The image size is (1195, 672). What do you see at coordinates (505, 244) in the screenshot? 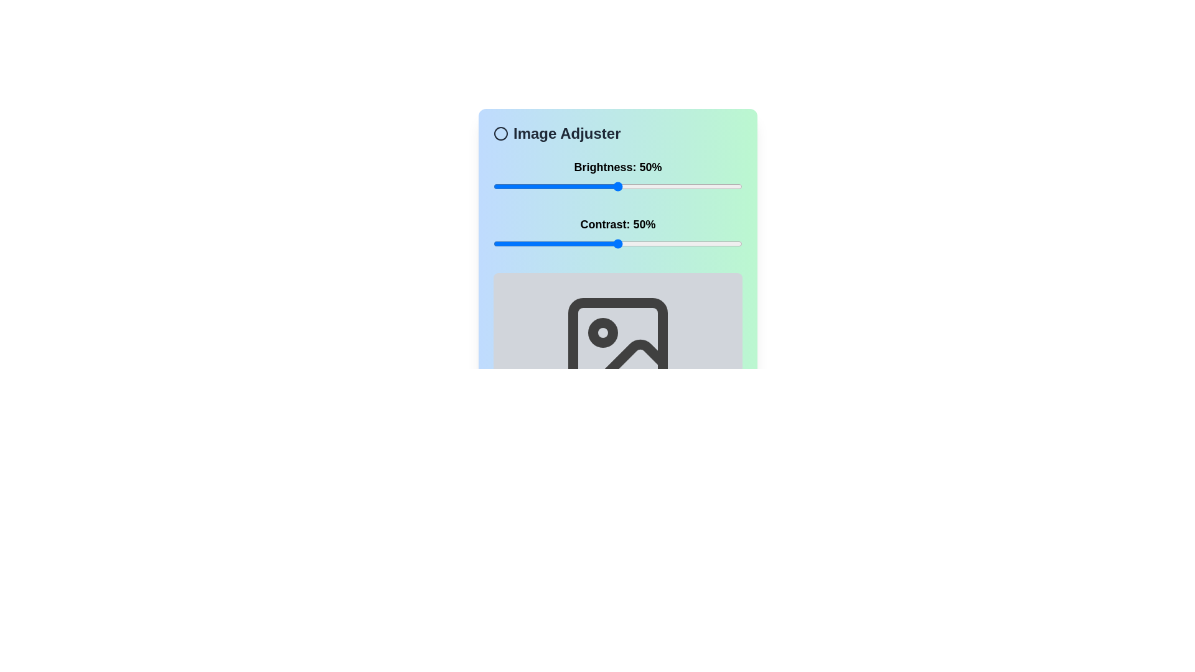
I see `the contrast slider to 5%` at bounding box center [505, 244].